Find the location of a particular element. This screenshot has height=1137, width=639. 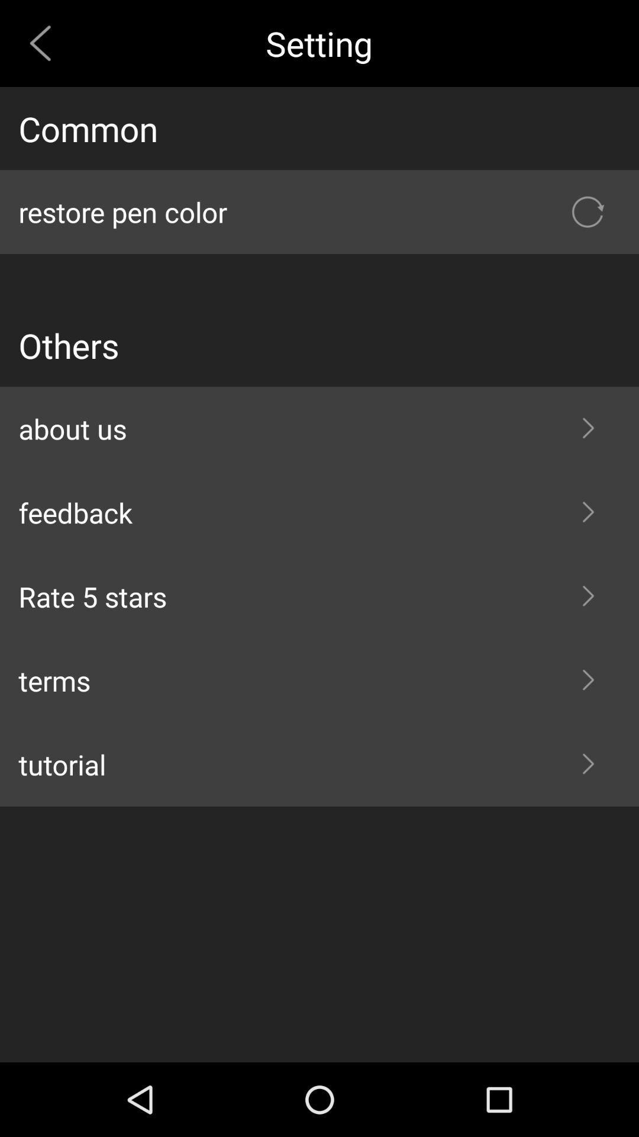

restore pen color icon is located at coordinates (319, 212).